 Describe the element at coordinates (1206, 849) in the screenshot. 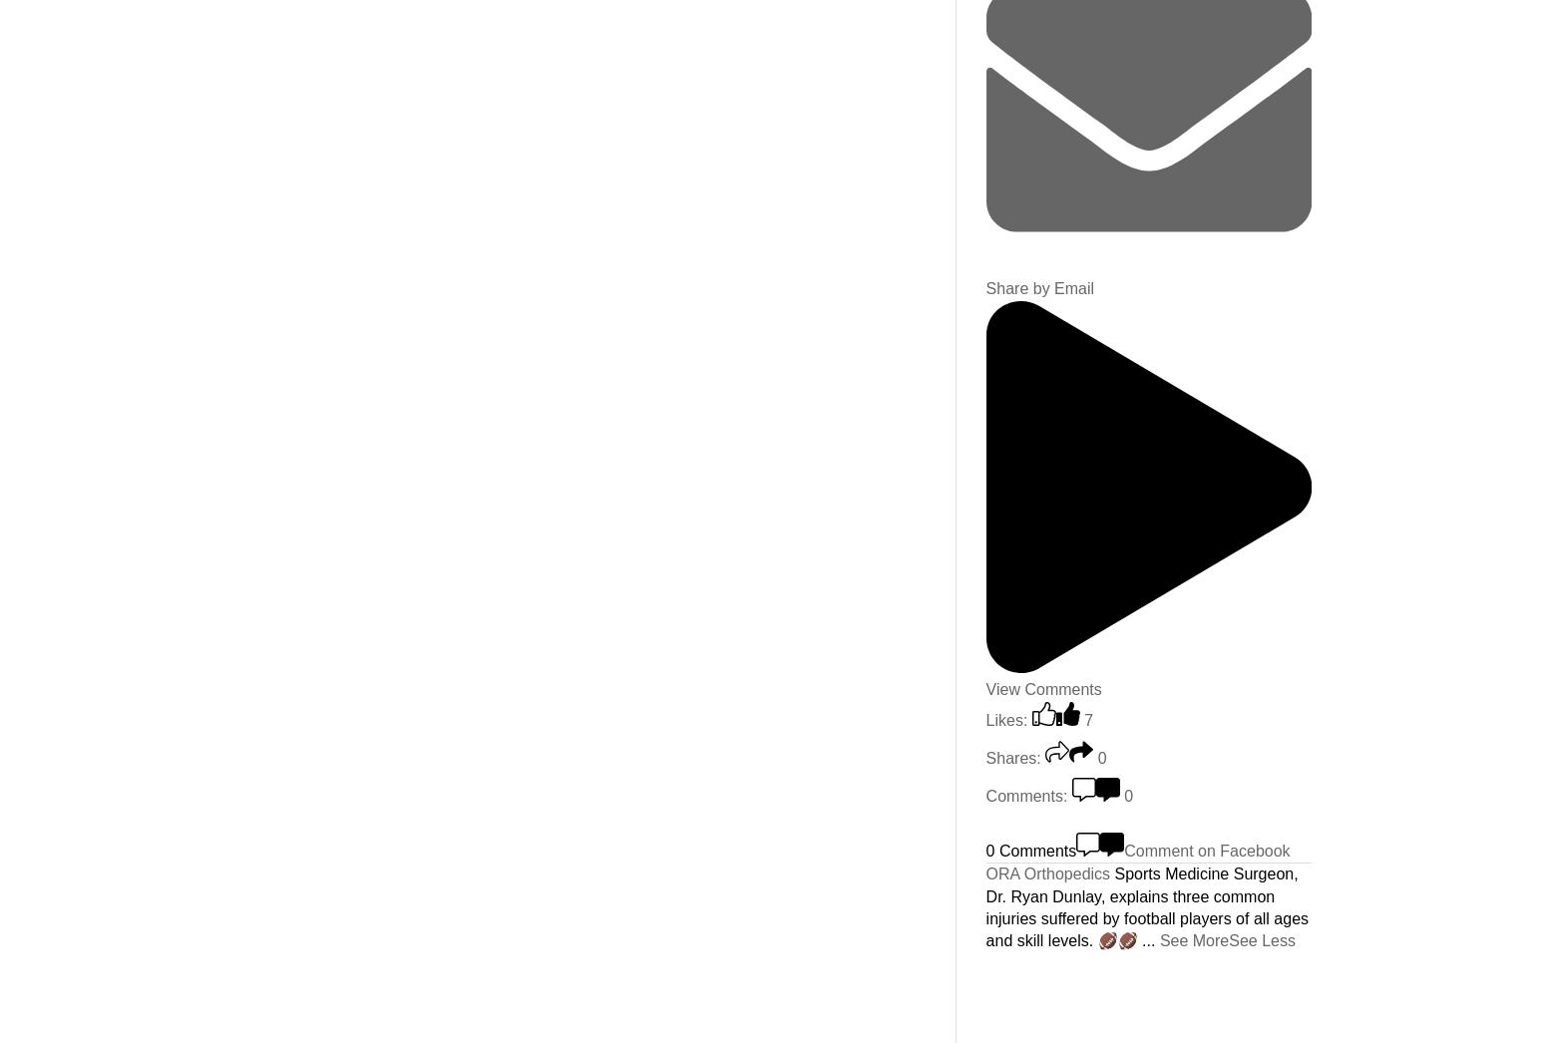

I see `'Comment on Facebook'` at that location.